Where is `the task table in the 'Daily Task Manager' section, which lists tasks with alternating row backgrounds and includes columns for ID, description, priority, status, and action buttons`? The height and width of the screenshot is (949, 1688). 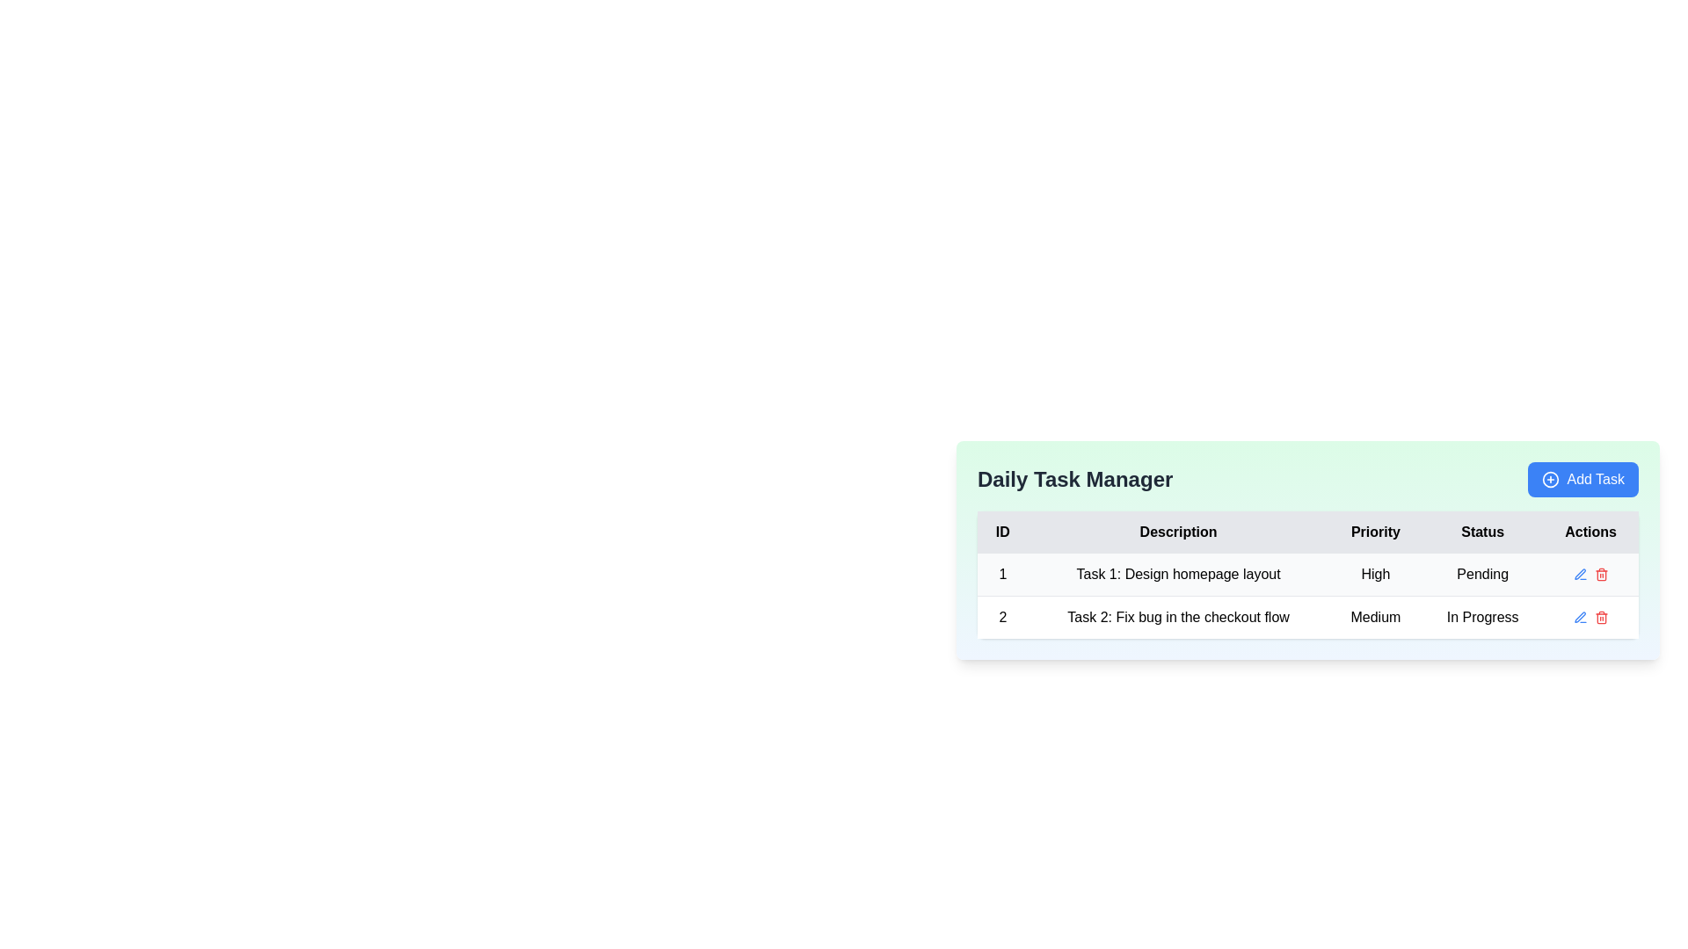
the task table in the 'Daily Task Manager' section, which lists tasks with alternating row backgrounds and includes columns for ID, description, priority, status, and action buttons is located at coordinates (1308, 595).